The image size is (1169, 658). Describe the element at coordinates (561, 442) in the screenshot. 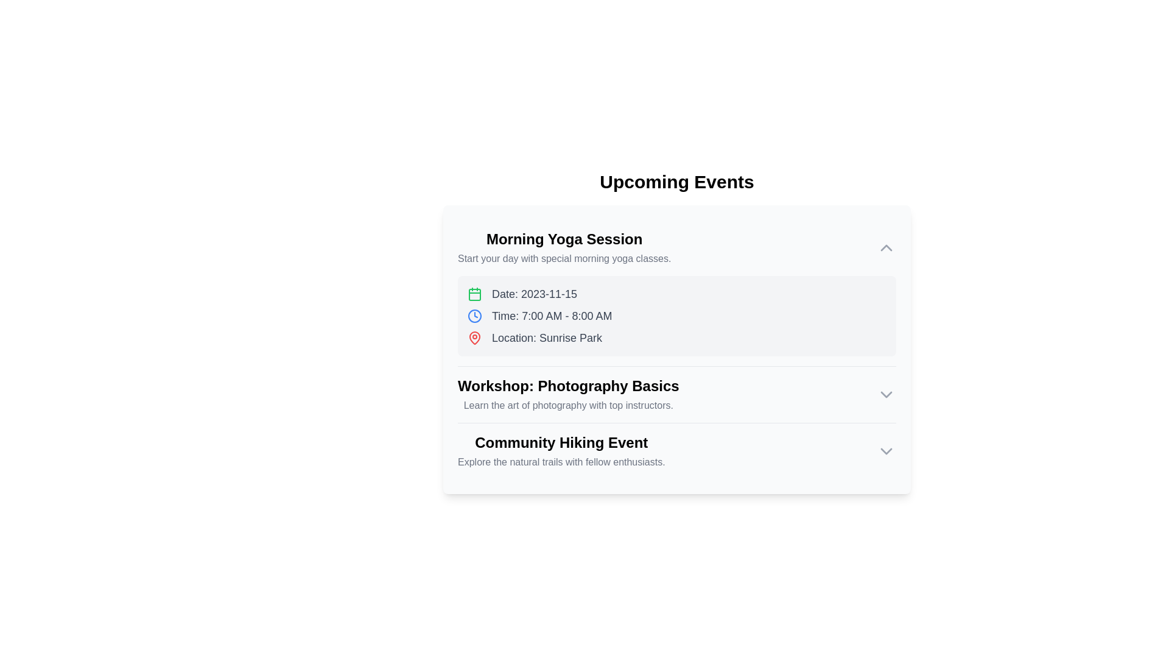

I see `the heading text that summarizes the 'Community Hiking Event', which is positioned above the descriptive text about the event` at that location.